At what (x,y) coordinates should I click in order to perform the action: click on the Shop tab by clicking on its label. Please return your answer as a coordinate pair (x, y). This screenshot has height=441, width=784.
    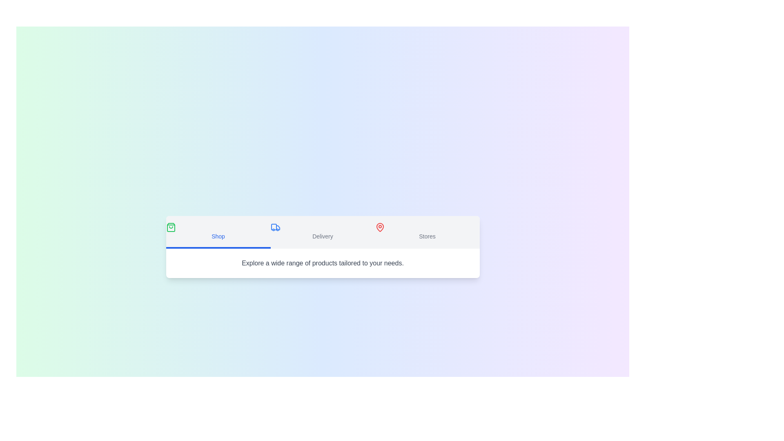
    Looking at the image, I should click on (218, 232).